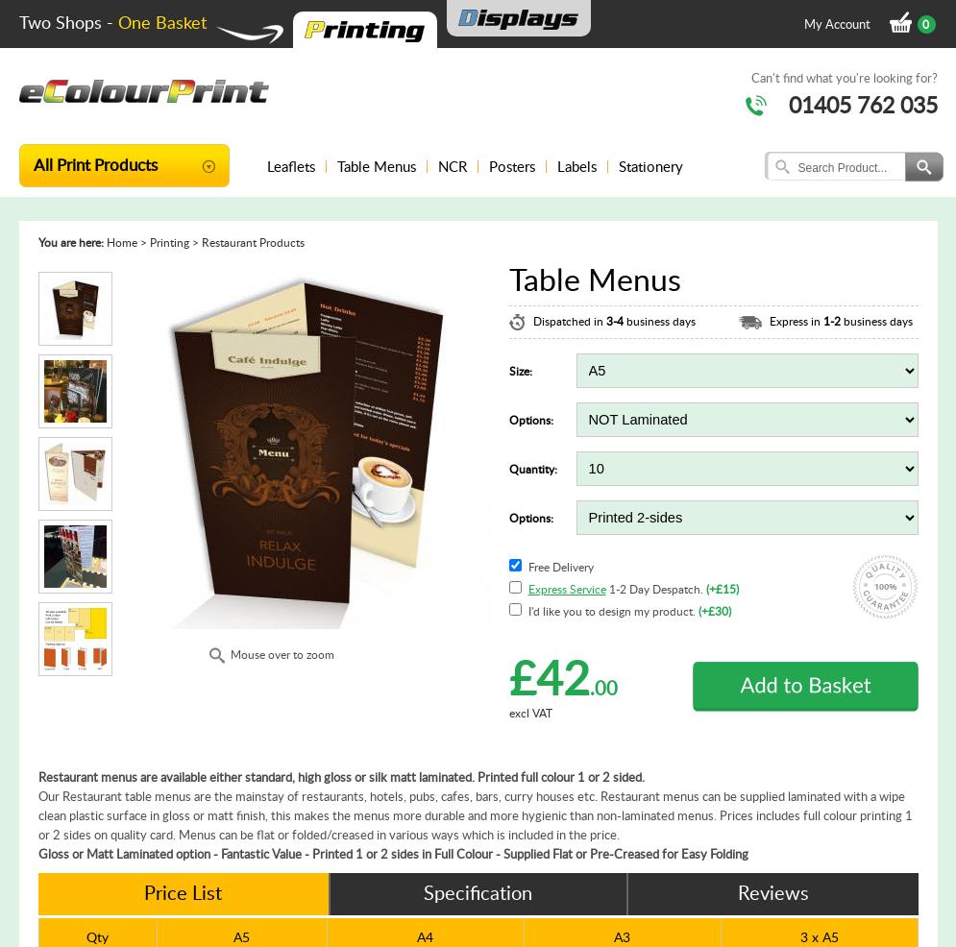 The width and height of the screenshot is (956, 947). I want to click on 'Price List', so click(183, 892).